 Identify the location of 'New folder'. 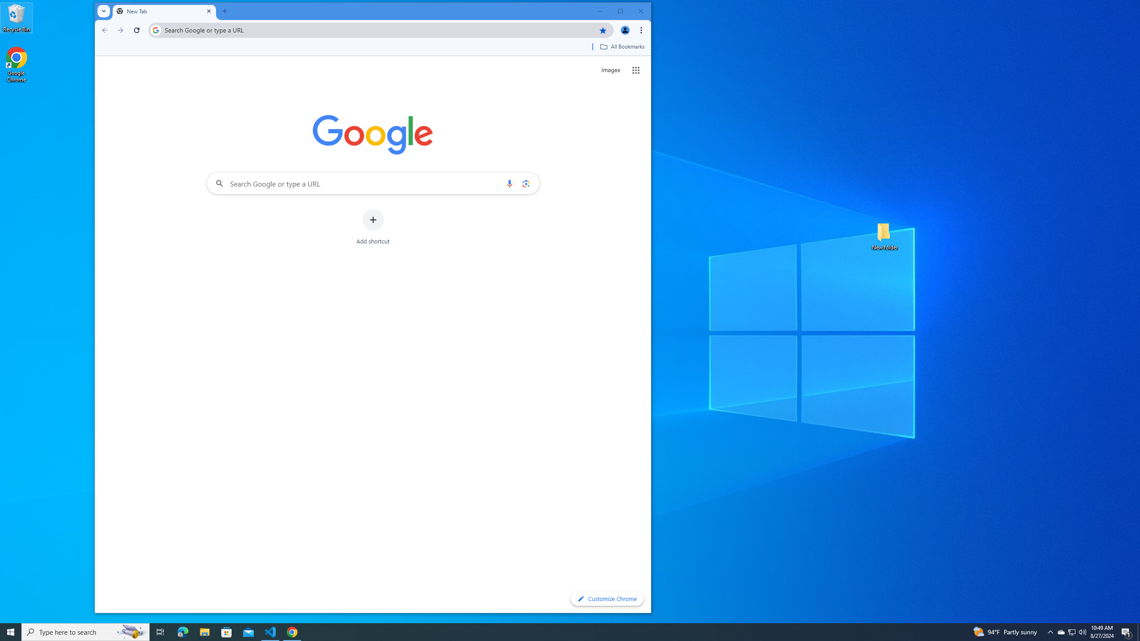
(884, 235).